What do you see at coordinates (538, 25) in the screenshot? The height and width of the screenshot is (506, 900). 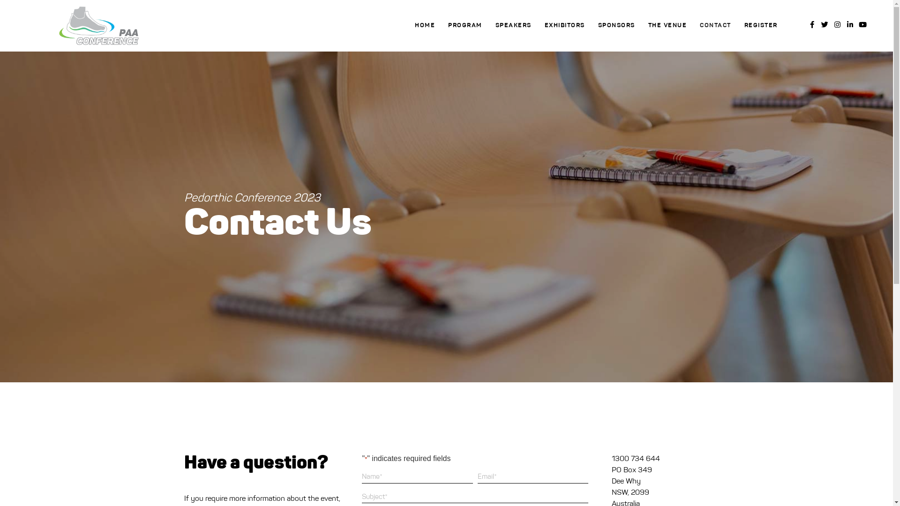 I see `'EXHIBITORS'` at bounding box center [538, 25].